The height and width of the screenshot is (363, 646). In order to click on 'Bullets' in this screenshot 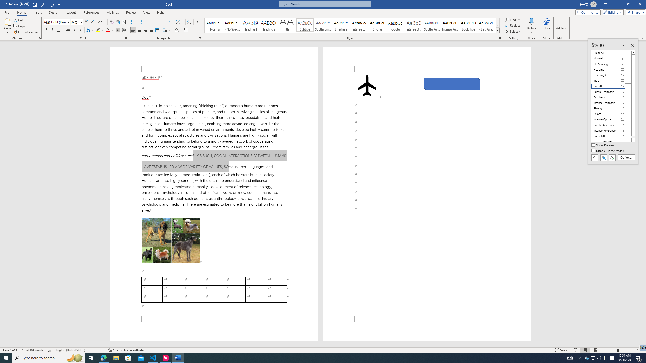, I will do `click(133, 22)`.